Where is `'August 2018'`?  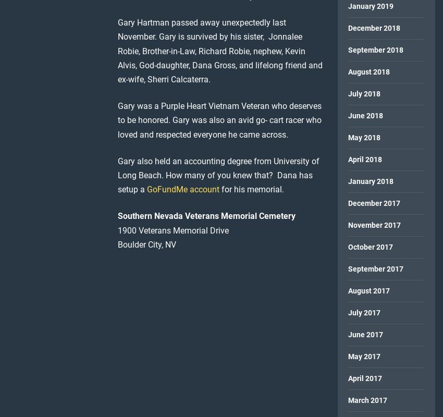
'August 2018' is located at coordinates (368, 71).